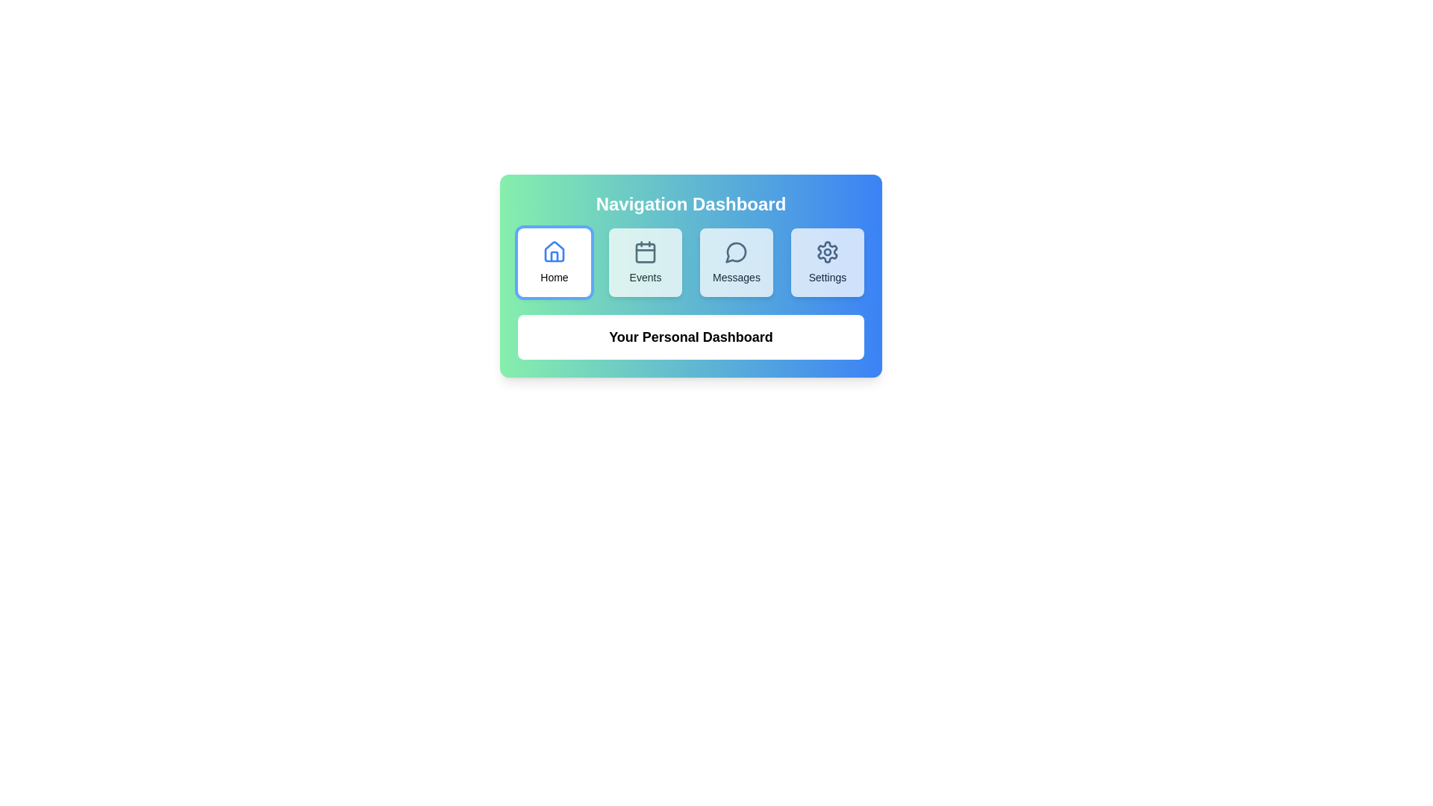  What do you see at coordinates (554, 252) in the screenshot?
I see `the 'Home' icon located in the first button of the horizontal navigation array` at bounding box center [554, 252].